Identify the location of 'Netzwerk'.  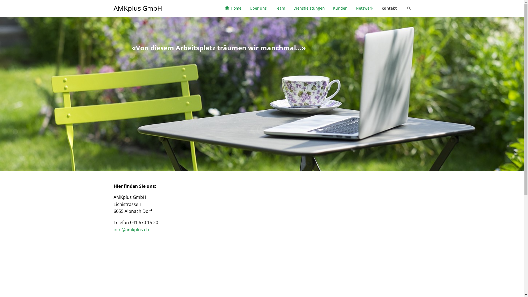
(364, 8).